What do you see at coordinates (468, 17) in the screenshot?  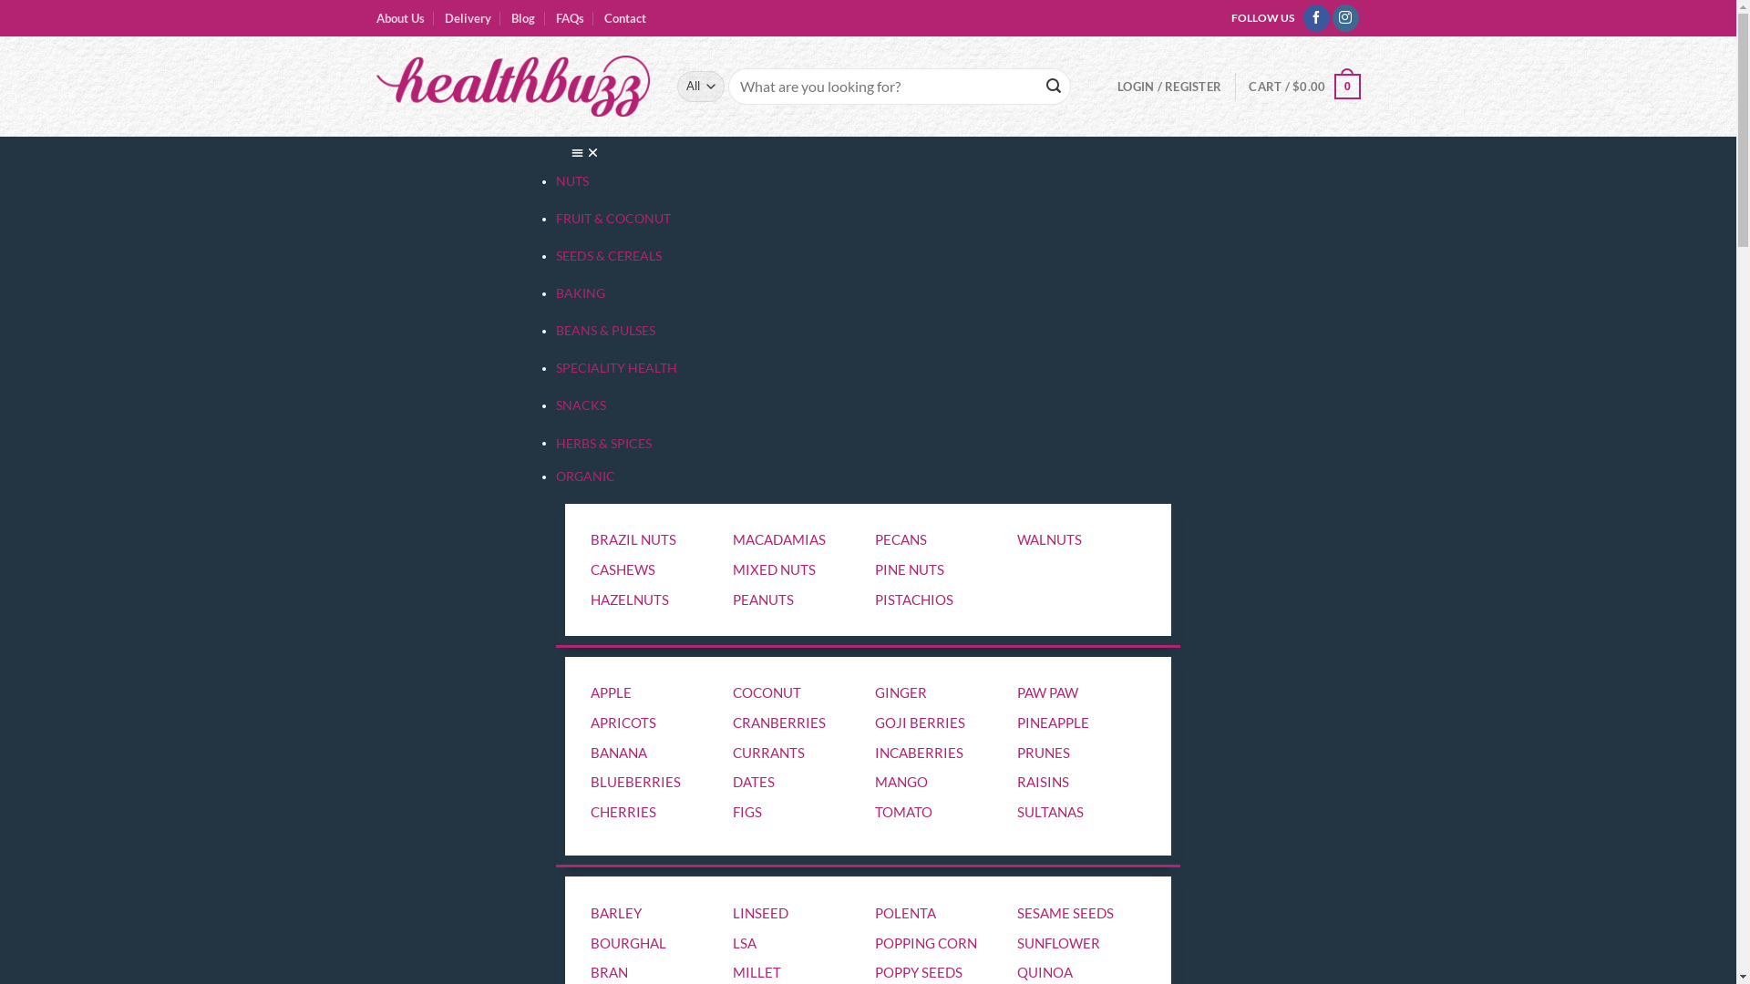 I see `'Delivery'` at bounding box center [468, 17].